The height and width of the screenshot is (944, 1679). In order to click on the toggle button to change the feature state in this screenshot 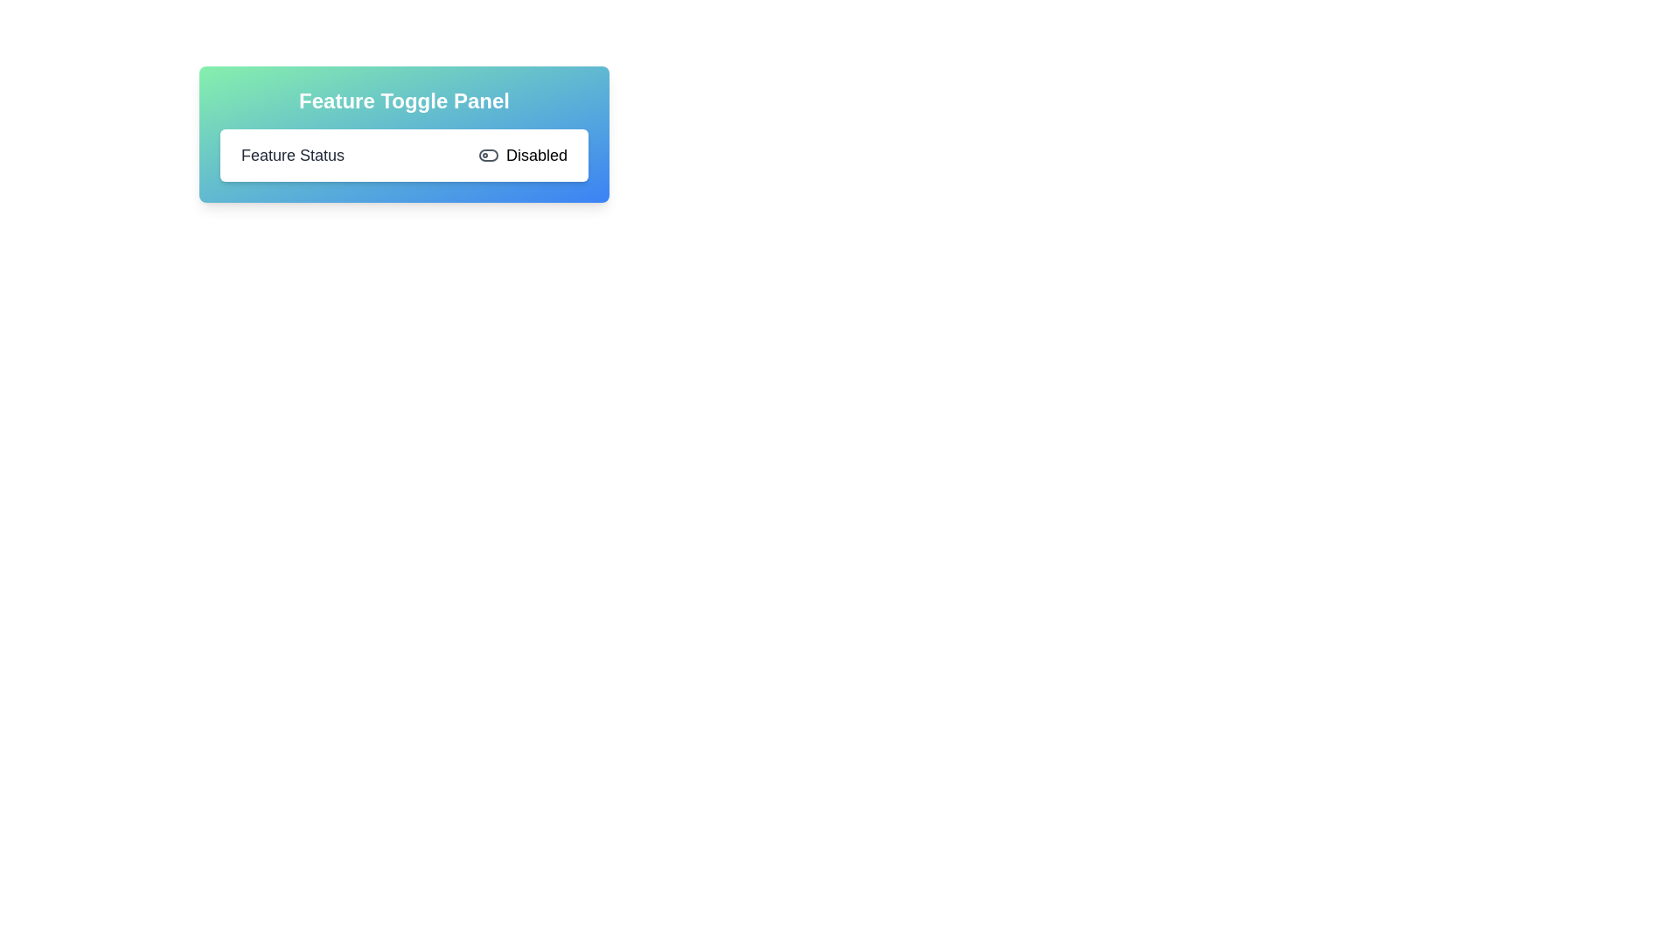, I will do `click(521, 154)`.